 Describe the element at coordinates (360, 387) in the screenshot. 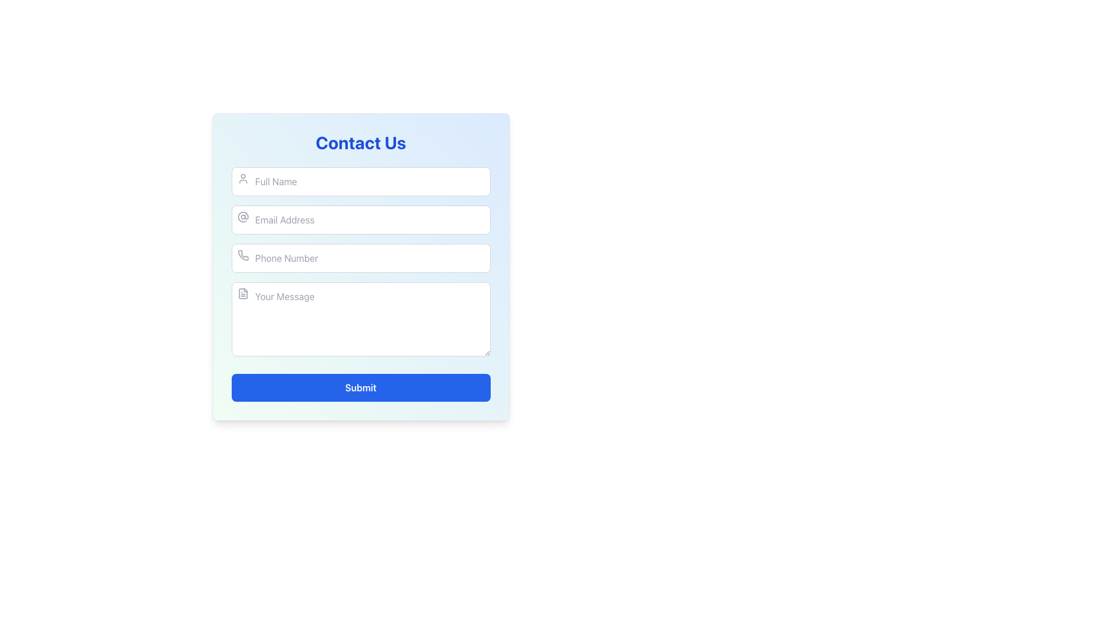

I see `the 'Submit' button with a blue background located at the bottom of the 'Contact Us' form` at that location.